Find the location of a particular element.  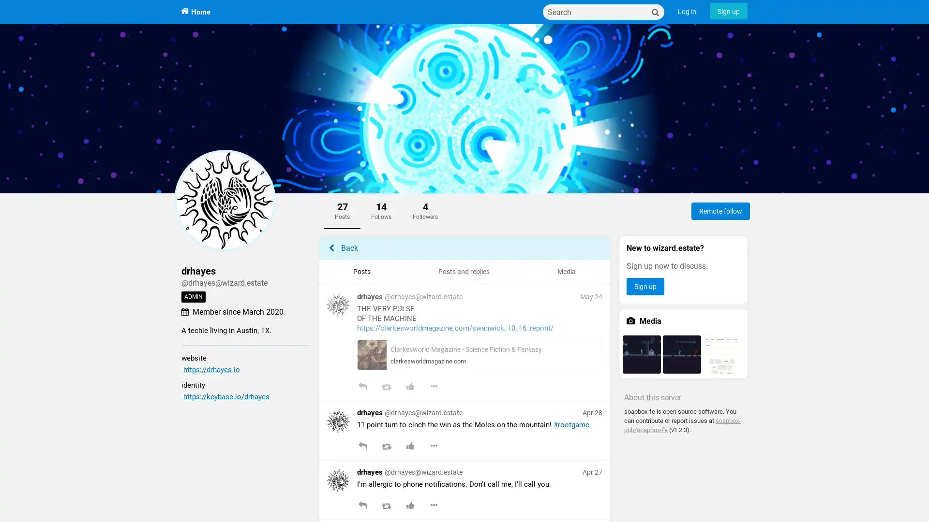

Reply is located at coordinates (362, 387).